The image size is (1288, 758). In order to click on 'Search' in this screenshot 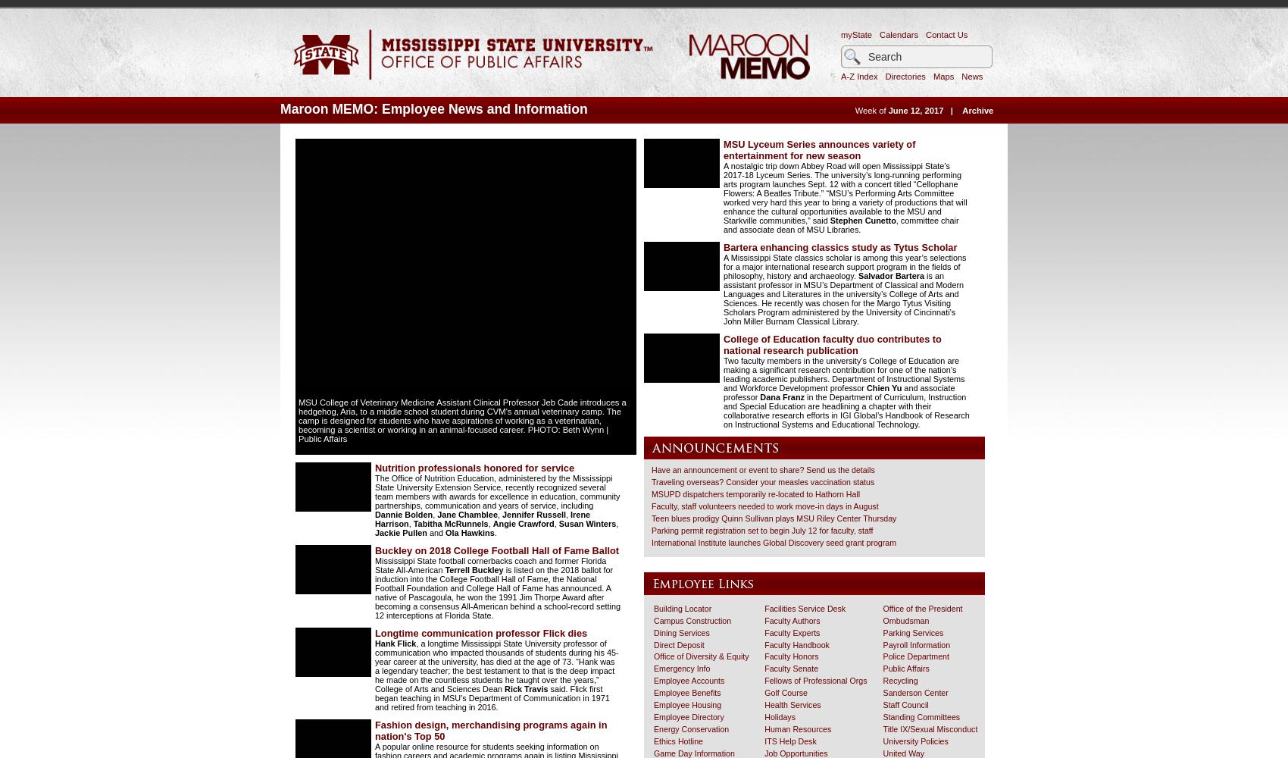, I will do `click(880, 42)`.